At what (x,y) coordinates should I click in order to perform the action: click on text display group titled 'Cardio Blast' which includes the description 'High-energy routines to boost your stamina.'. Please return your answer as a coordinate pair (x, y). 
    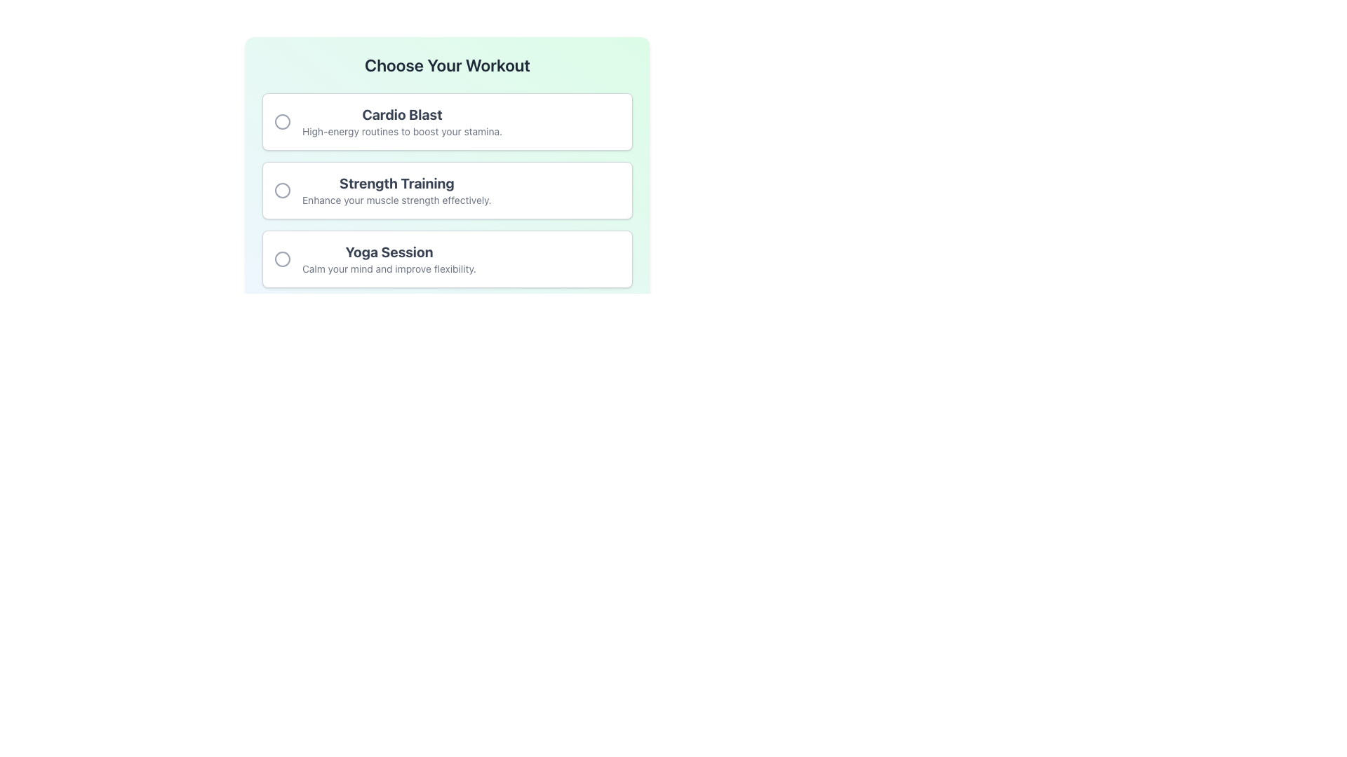
    Looking at the image, I should click on (401, 121).